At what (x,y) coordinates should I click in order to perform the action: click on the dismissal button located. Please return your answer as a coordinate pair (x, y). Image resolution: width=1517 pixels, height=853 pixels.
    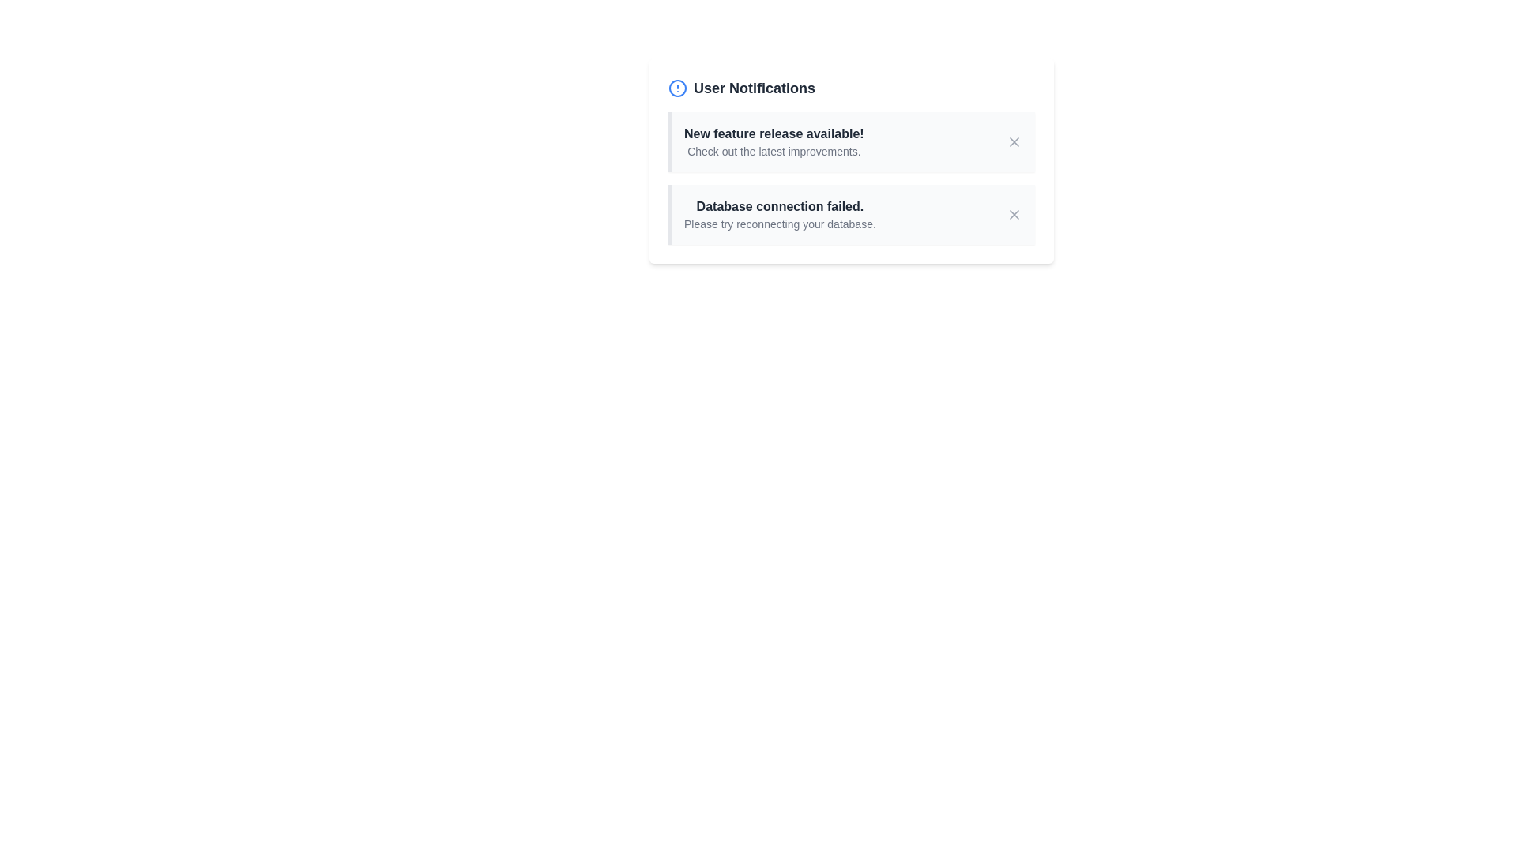
    Looking at the image, I should click on (1014, 215).